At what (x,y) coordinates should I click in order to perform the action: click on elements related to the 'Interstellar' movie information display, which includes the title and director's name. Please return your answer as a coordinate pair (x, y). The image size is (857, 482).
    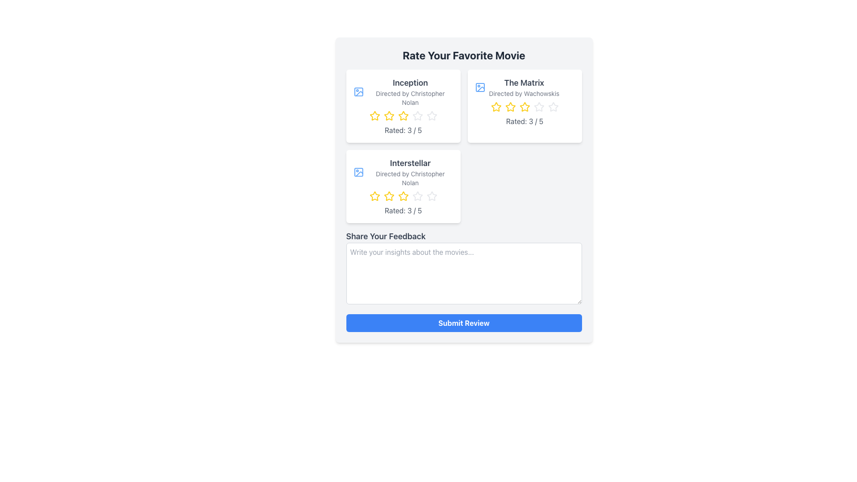
    Looking at the image, I should click on (410, 172).